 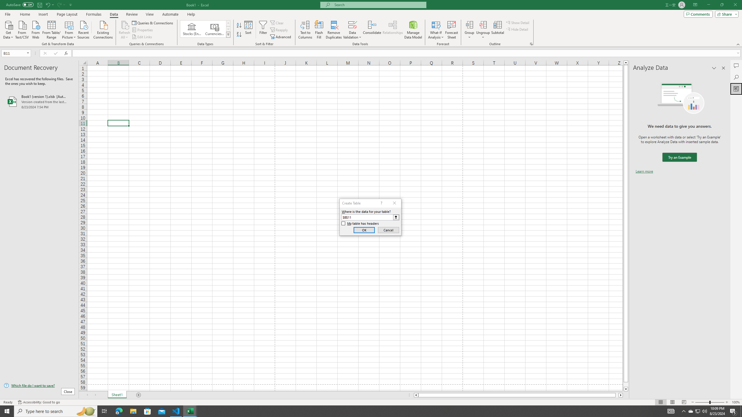 I want to click on 'Properties', so click(x=143, y=30).